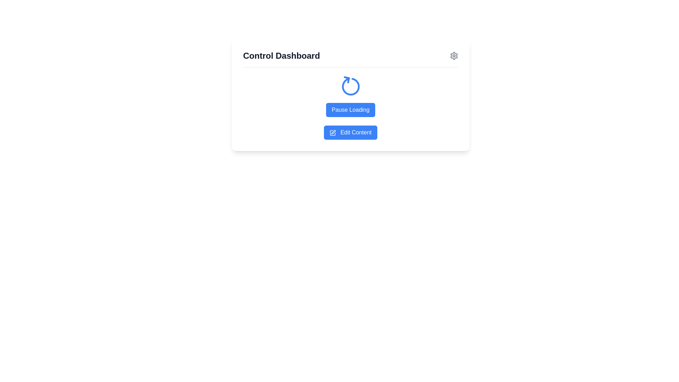 Image resolution: width=679 pixels, height=382 pixels. Describe the element at coordinates (332, 133) in the screenshot. I see `the decorative icon located to the left of the 'Edit Content' button, which visually represents the editing functionality` at that location.